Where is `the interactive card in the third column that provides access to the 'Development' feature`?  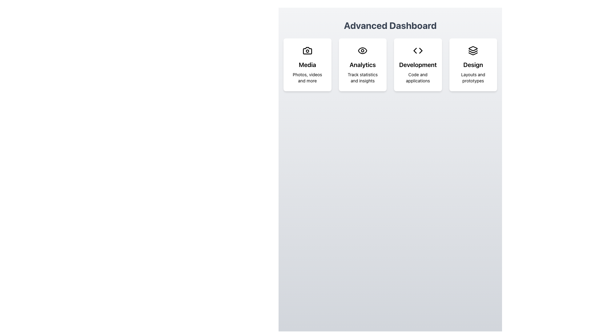
the interactive card in the third column that provides access to the 'Development' feature is located at coordinates (418, 65).